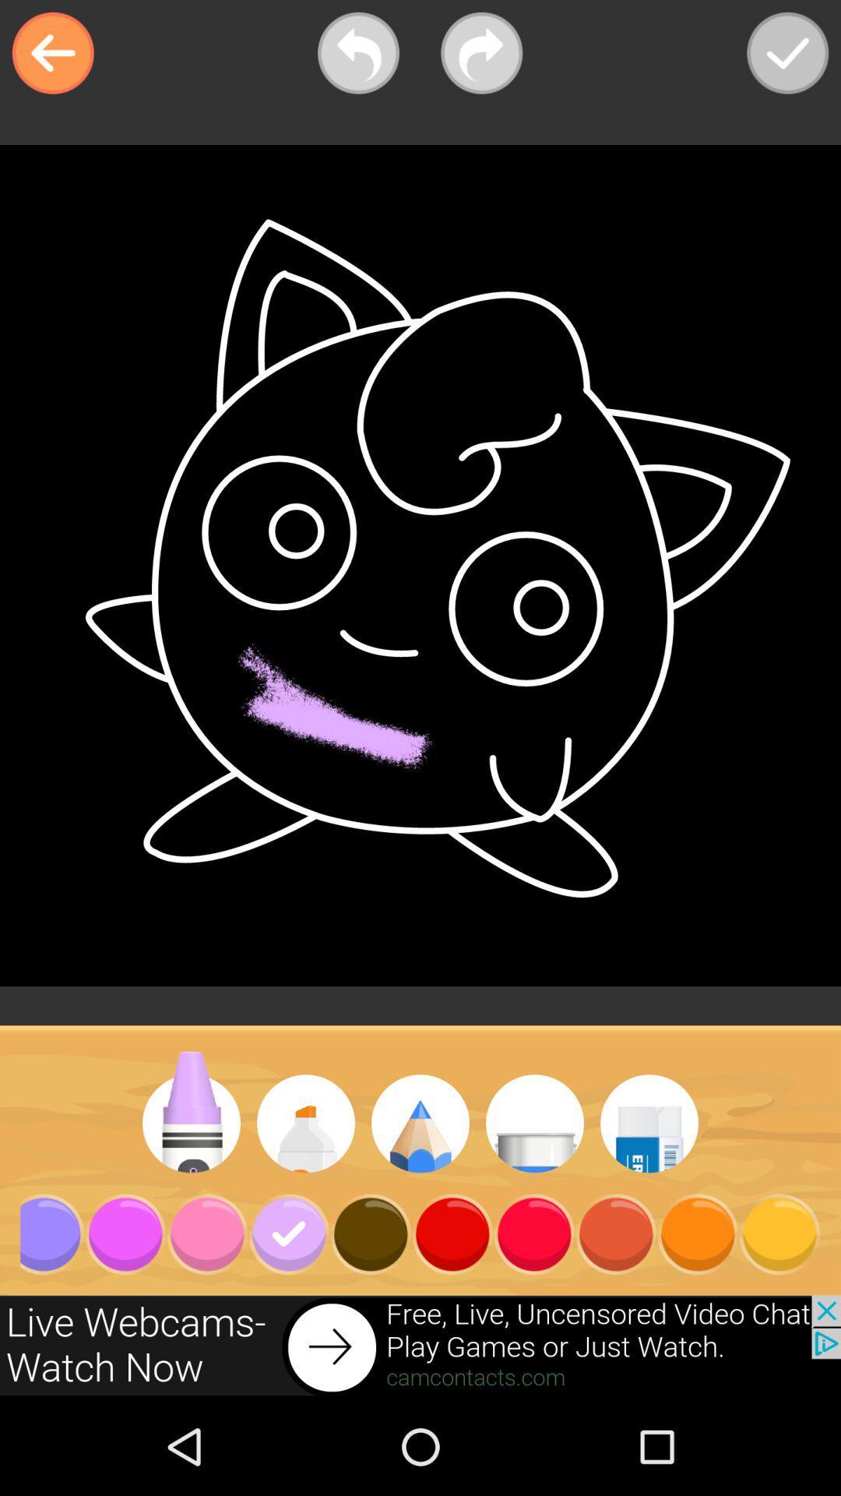 The width and height of the screenshot is (841, 1496). What do you see at coordinates (787, 53) in the screenshot?
I see `finish drawing` at bounding box center [787, 53].